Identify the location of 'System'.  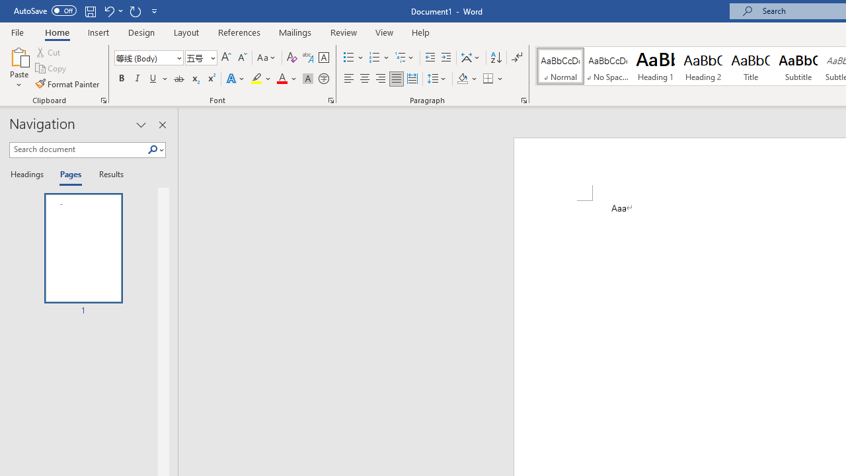
(7, 7).